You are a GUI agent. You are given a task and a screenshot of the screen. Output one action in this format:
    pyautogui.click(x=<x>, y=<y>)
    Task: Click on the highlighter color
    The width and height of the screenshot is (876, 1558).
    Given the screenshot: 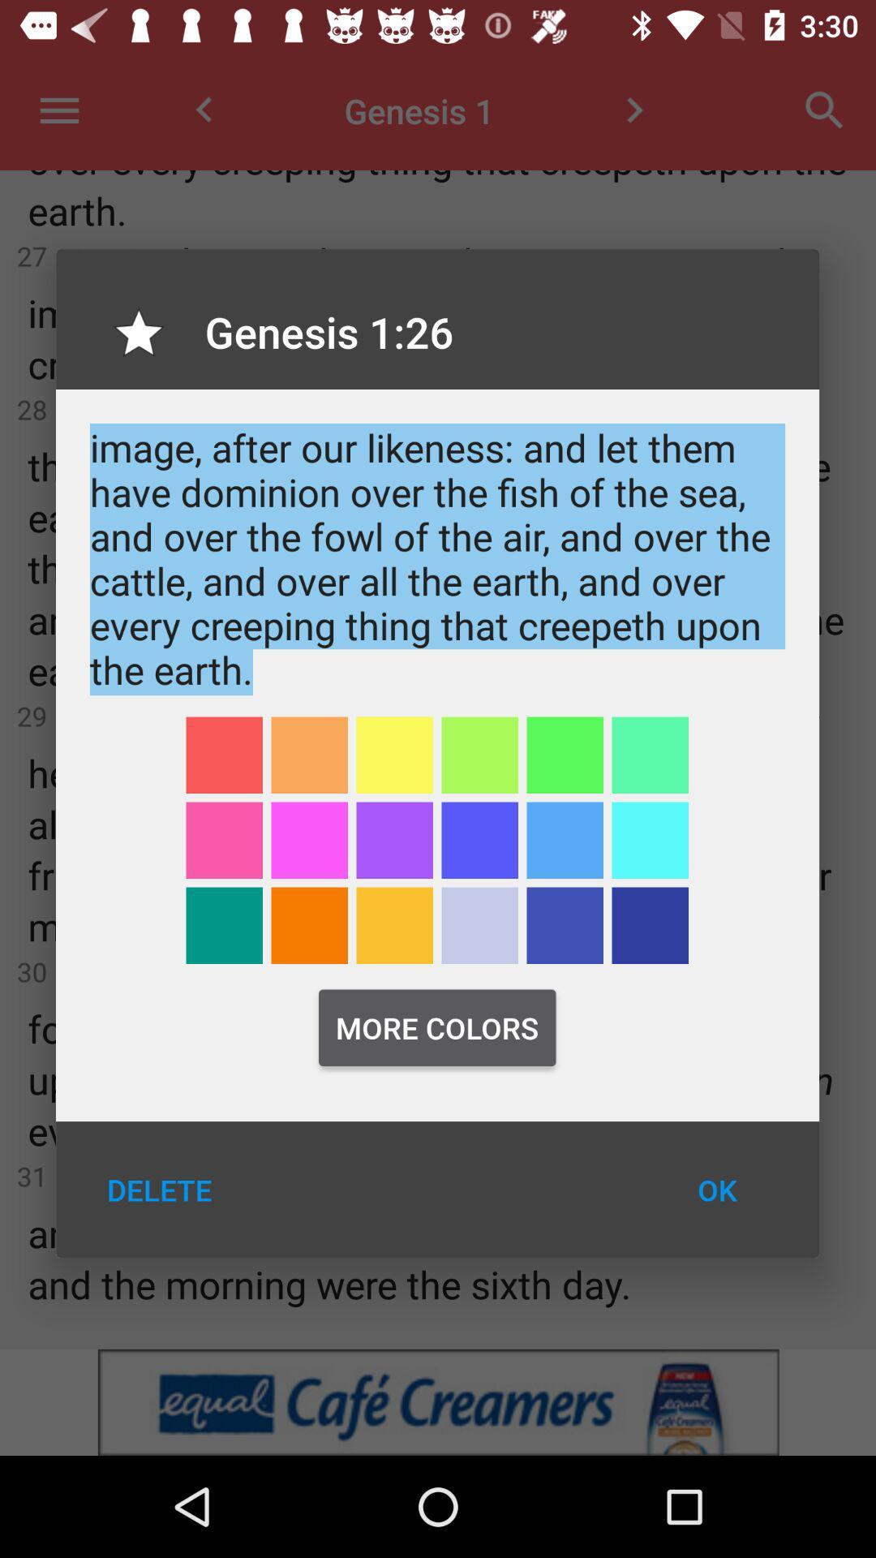 What is the action you would take?
    pyautogui.click(x=564, y=840)
    